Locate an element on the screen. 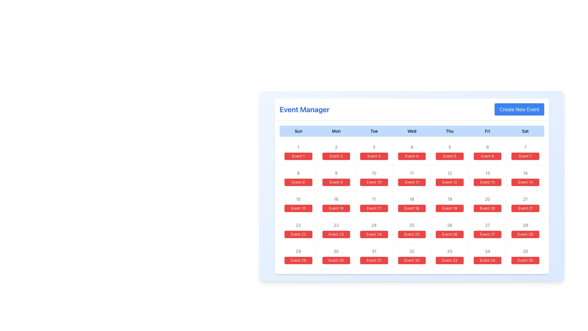 This screenshot has width=588, height=331. the Text label indicating 'Friday' in the weekly calendar layout, which is the sixth item in the horizontal arrangement of days, located between 'Thu' and 'Sat' is located at coordinates (487, 131).